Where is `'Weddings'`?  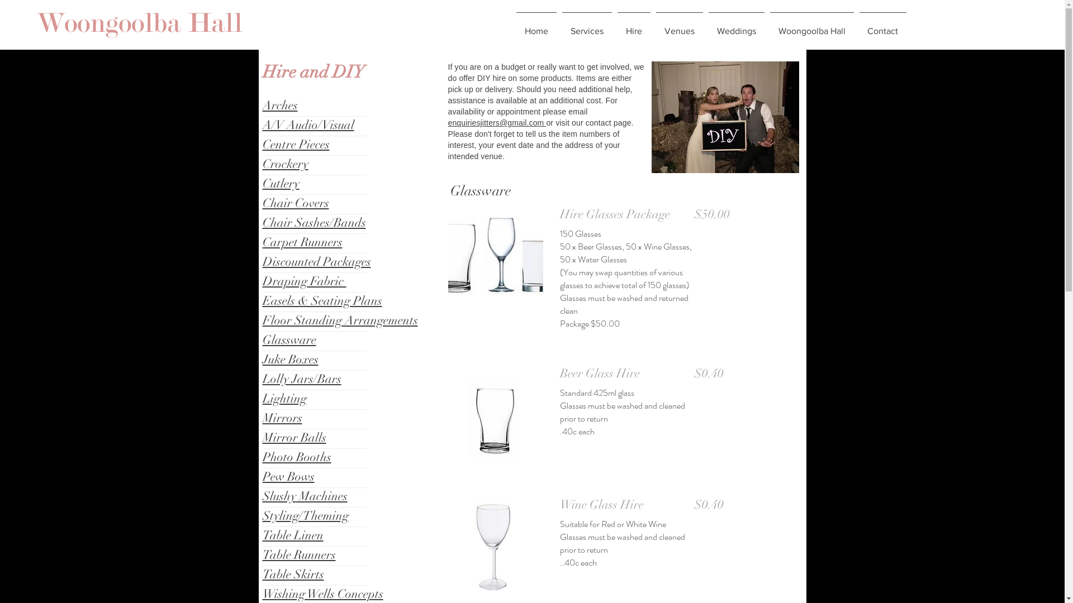 'Weddings' is located at coordinates (705, 25).